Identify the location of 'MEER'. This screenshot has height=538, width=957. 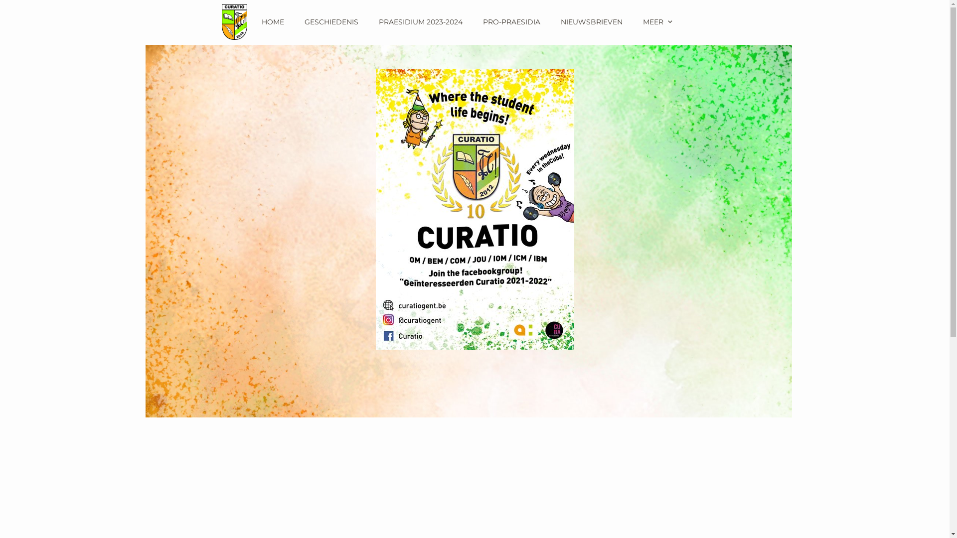
(658, 21).